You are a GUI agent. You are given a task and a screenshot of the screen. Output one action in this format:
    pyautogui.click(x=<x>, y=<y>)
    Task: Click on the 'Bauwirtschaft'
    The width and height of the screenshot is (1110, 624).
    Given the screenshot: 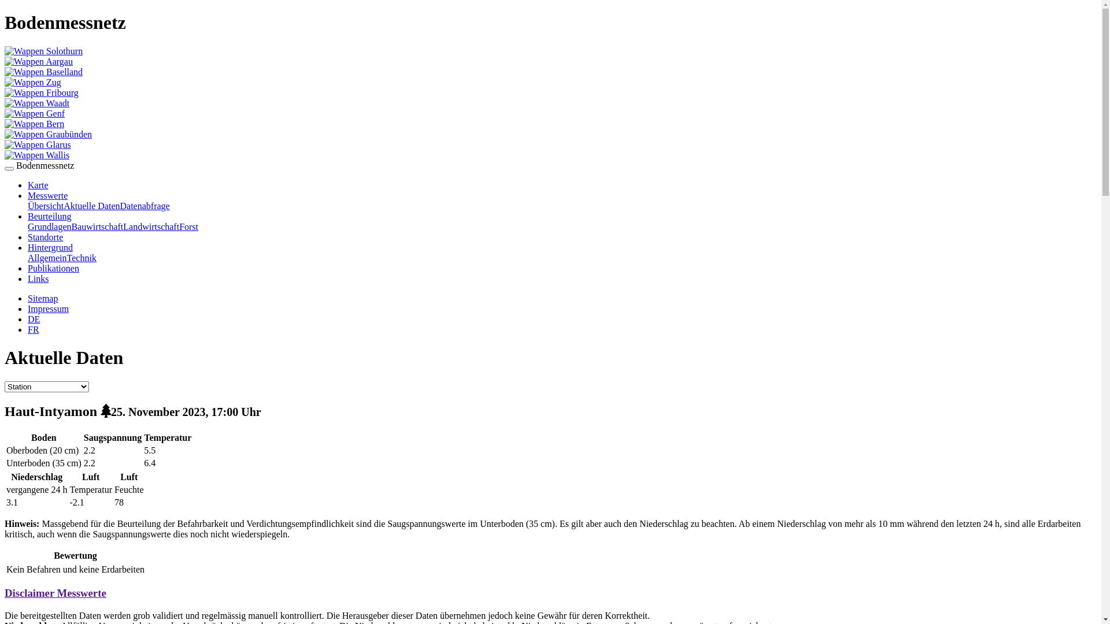 What is the action you would take?
    pyautogui.click(x=71, y=226)
    